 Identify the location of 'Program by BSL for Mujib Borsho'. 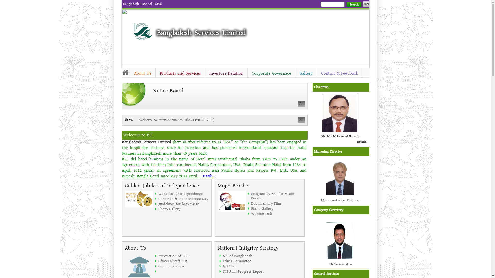
(276, 196).